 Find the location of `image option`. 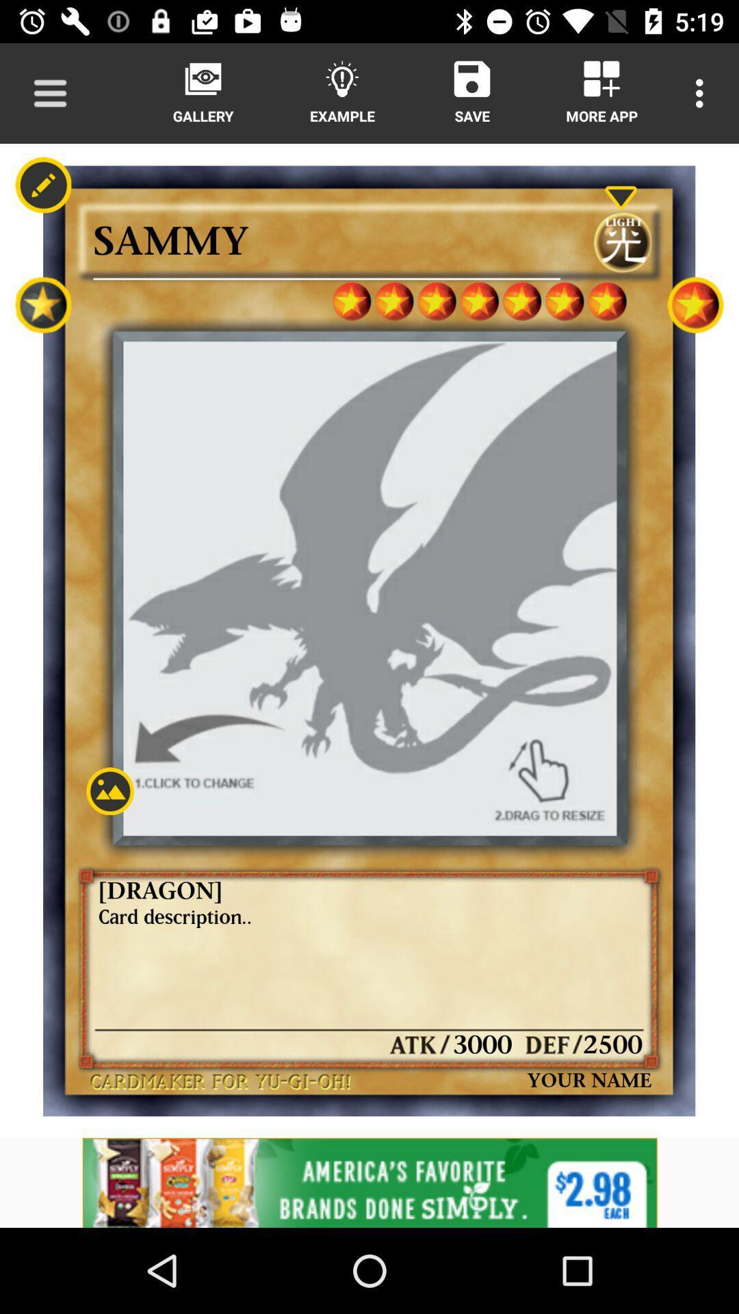

image option is located at coordinates (109, 791).